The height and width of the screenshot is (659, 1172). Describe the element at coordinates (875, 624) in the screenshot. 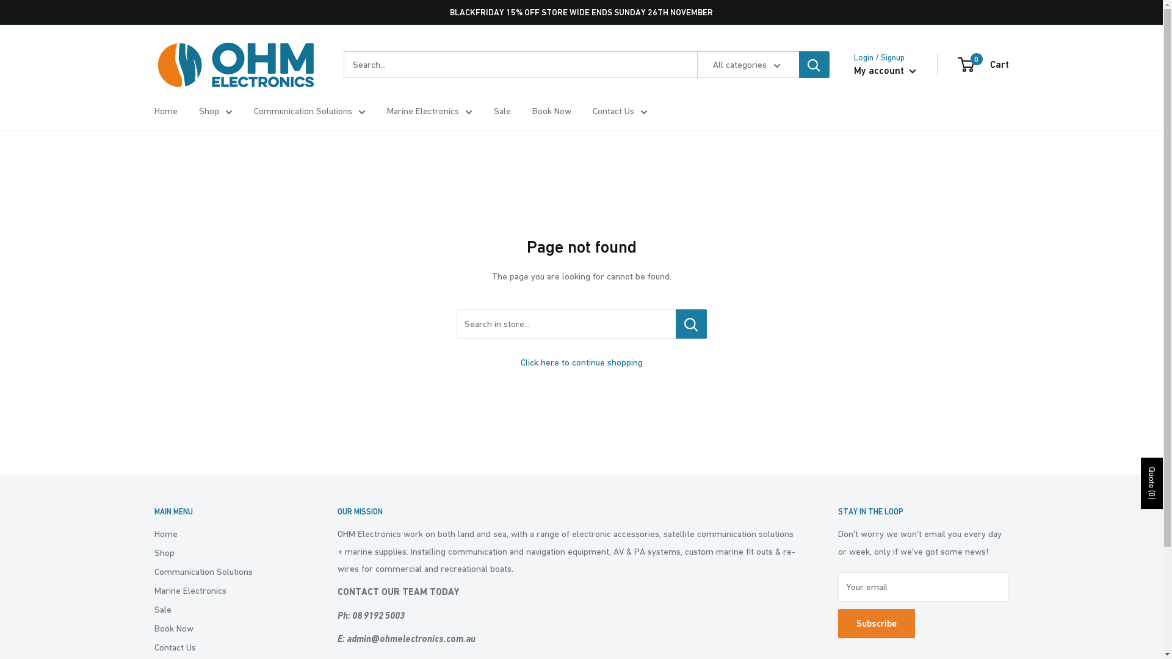

I see `'Subscribe'` at that location.